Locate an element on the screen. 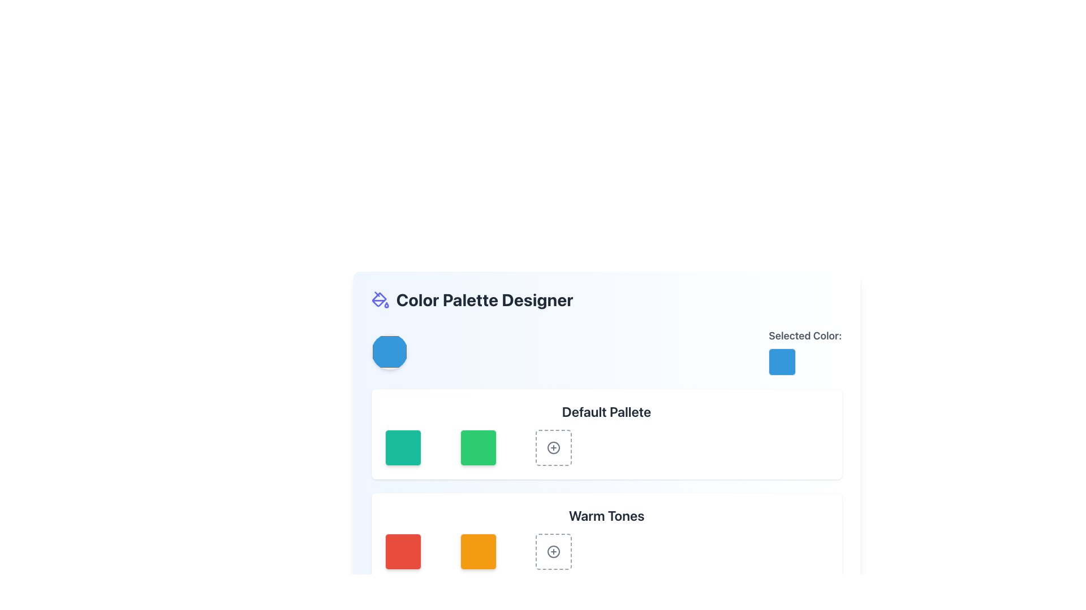 This screenshot has height=610, width=1086. the first interactive visual tile with a green background and rounded corners in the 'Default Palette' is located at coordinates (403, 447).